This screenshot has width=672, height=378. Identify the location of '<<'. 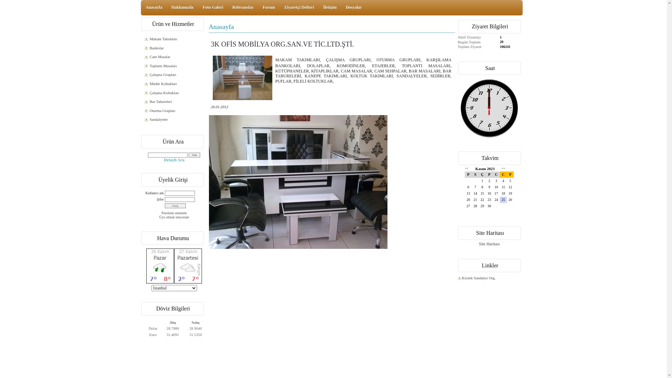
(467, 168).